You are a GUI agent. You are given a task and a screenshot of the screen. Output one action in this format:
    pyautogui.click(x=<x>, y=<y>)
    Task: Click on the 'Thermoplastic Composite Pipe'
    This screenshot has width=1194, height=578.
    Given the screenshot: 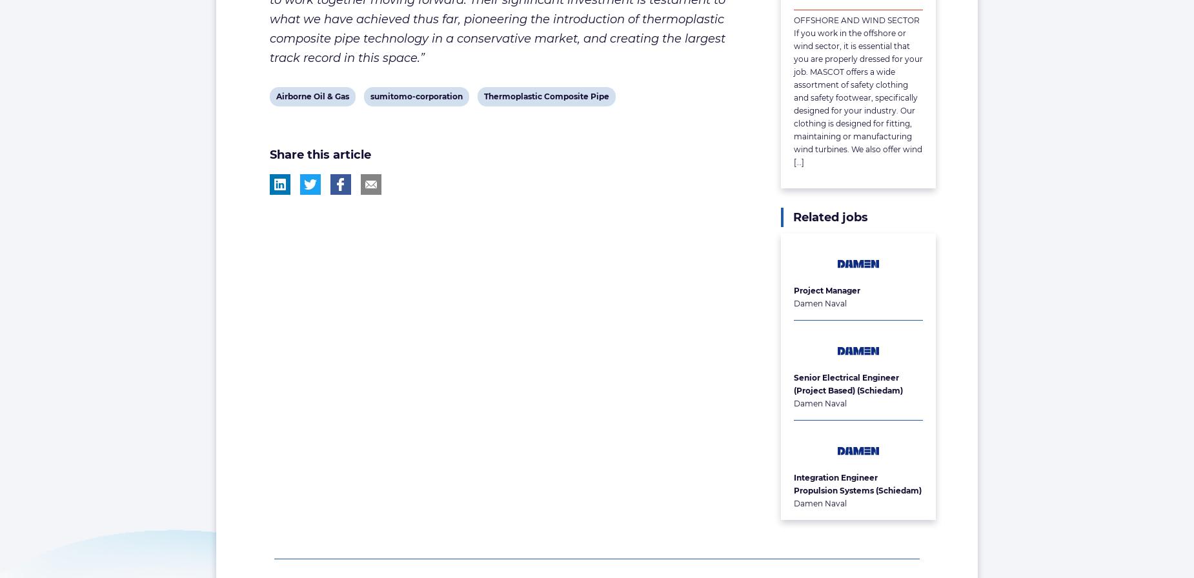 What is the action you would take?
    pyautogui.click(x=546, y=95)
    